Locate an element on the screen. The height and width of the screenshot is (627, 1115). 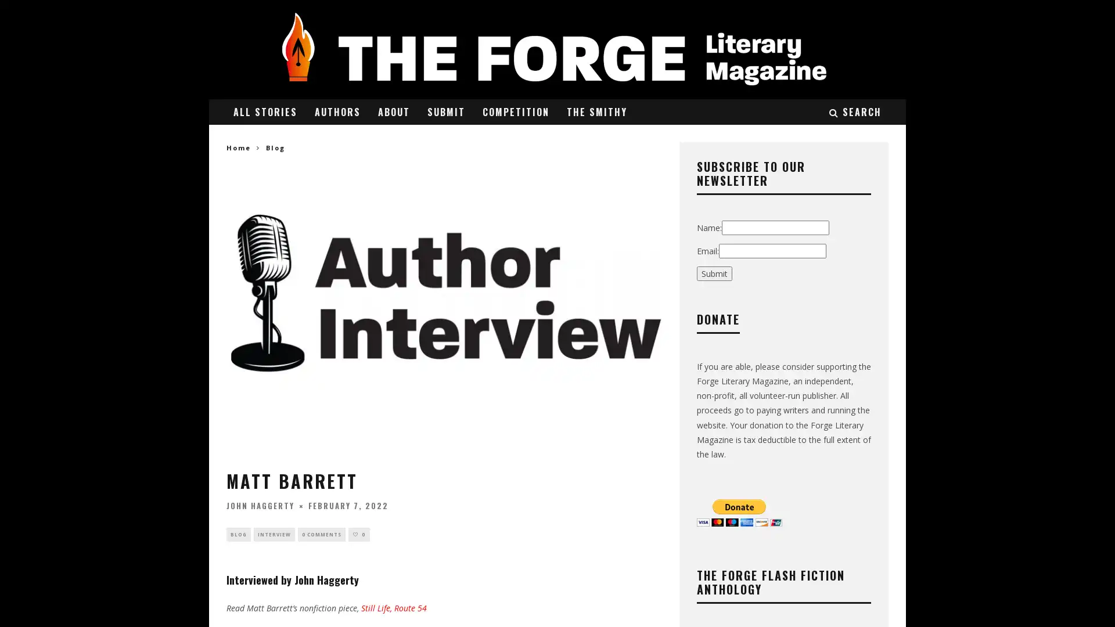
PayPal - The safer, easier way to pay online! is located at coordinates (739, 511).